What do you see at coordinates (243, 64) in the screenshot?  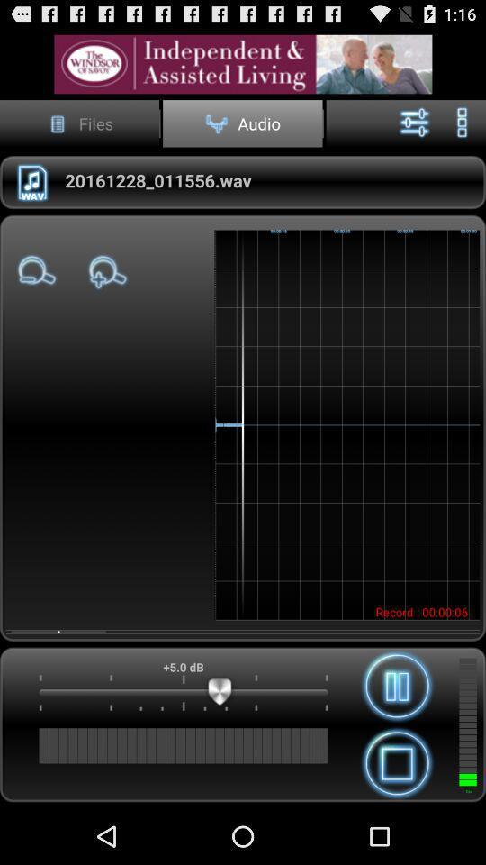 I see `details` at bounding box center [243, 64].